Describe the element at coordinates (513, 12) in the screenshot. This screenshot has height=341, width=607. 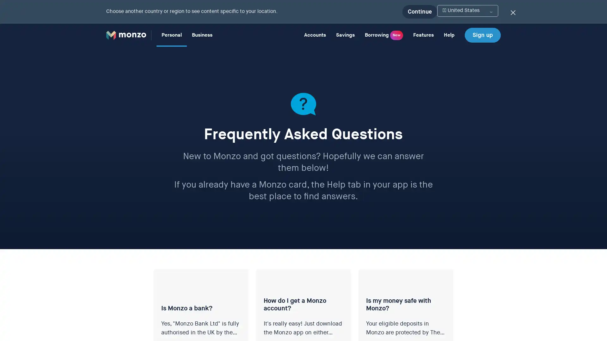
I see `Dismiss the location switcher banner` at that location.